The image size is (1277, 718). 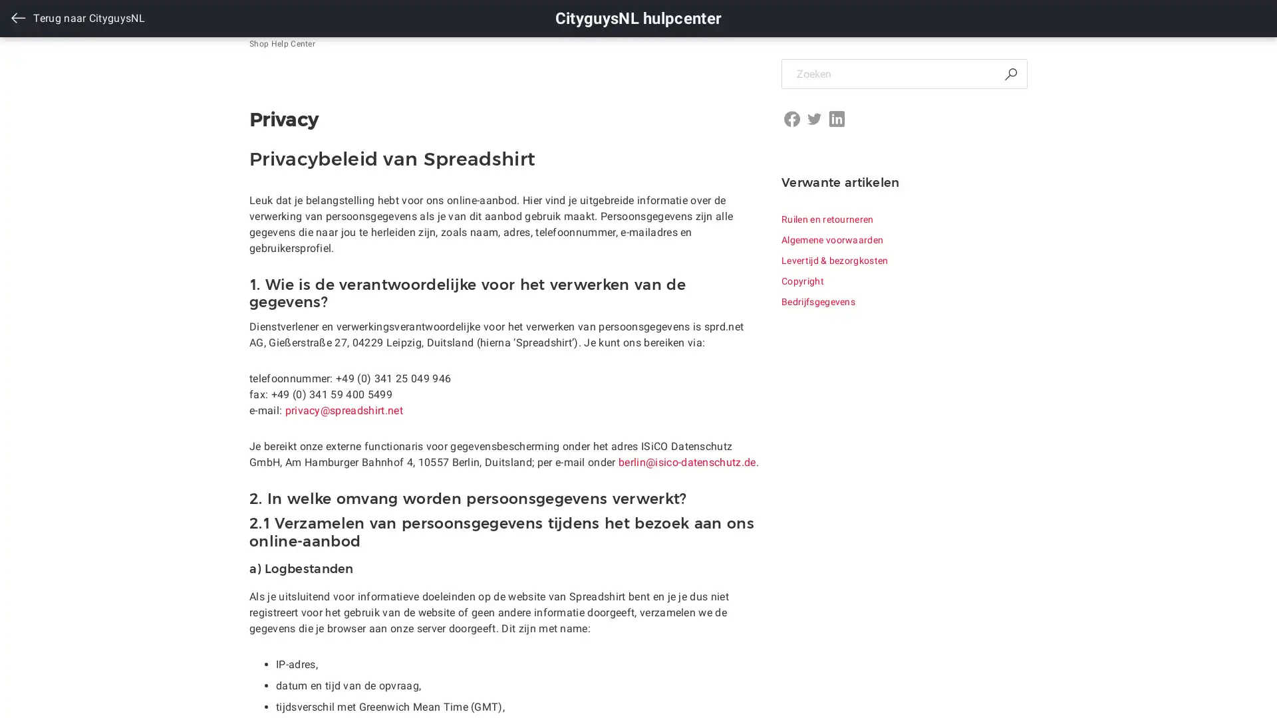 I want to click on Zoeken, so click(x=1010, y=74).